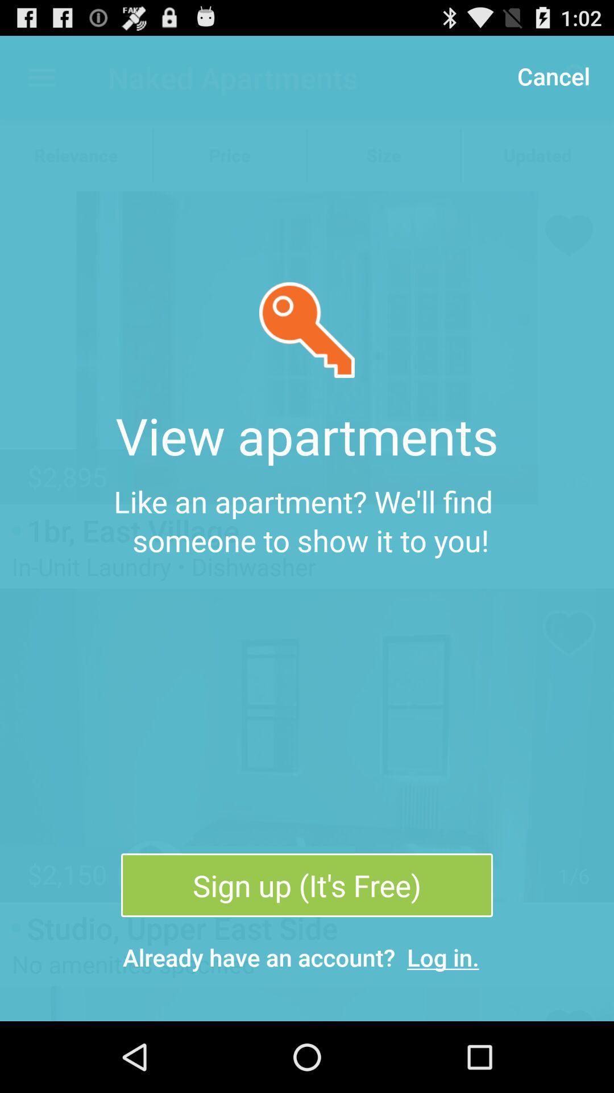  Describe the element at coordinates (553, 75) in the screenshot. I see `the item above the like an apartment item` at that location.